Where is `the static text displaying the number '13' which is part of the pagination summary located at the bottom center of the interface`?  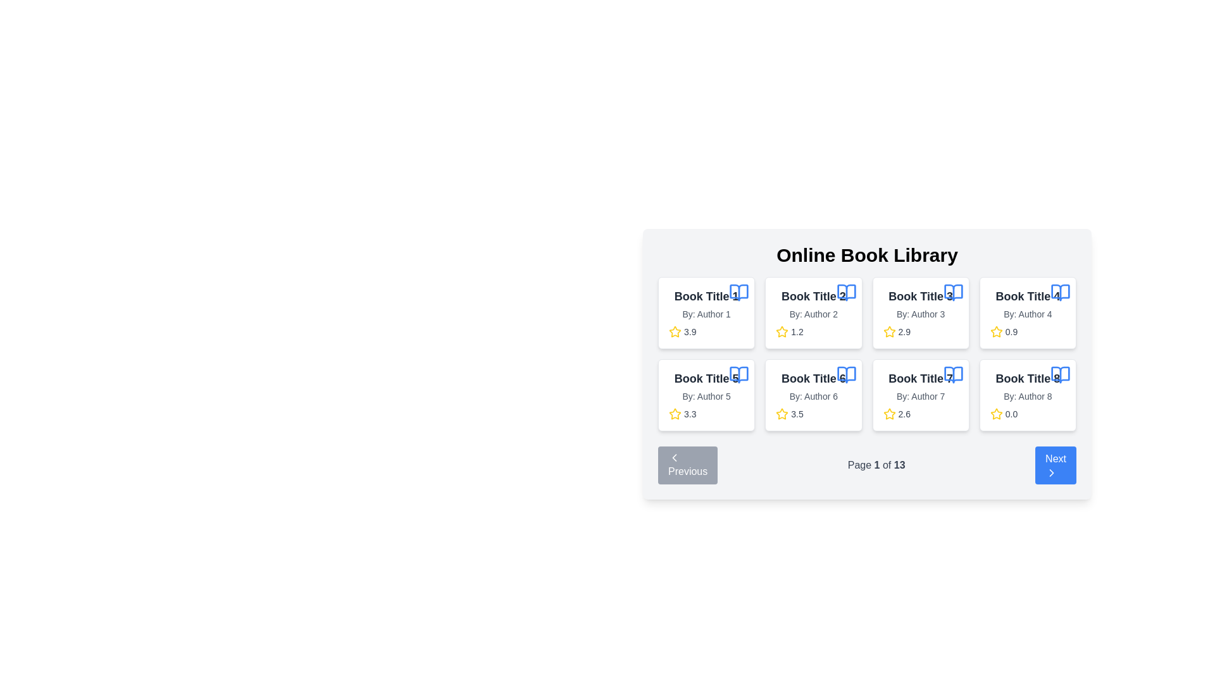
the static text displaying the number '13' which is part of the pagination summary located at the bottom center of the interface is located at coordinates (899, 465).